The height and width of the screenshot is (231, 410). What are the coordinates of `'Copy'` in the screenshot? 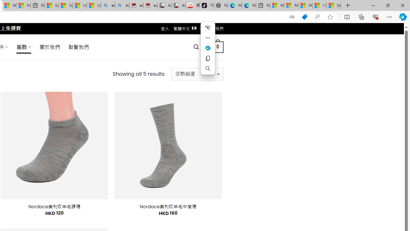 It's located at (208, 58).